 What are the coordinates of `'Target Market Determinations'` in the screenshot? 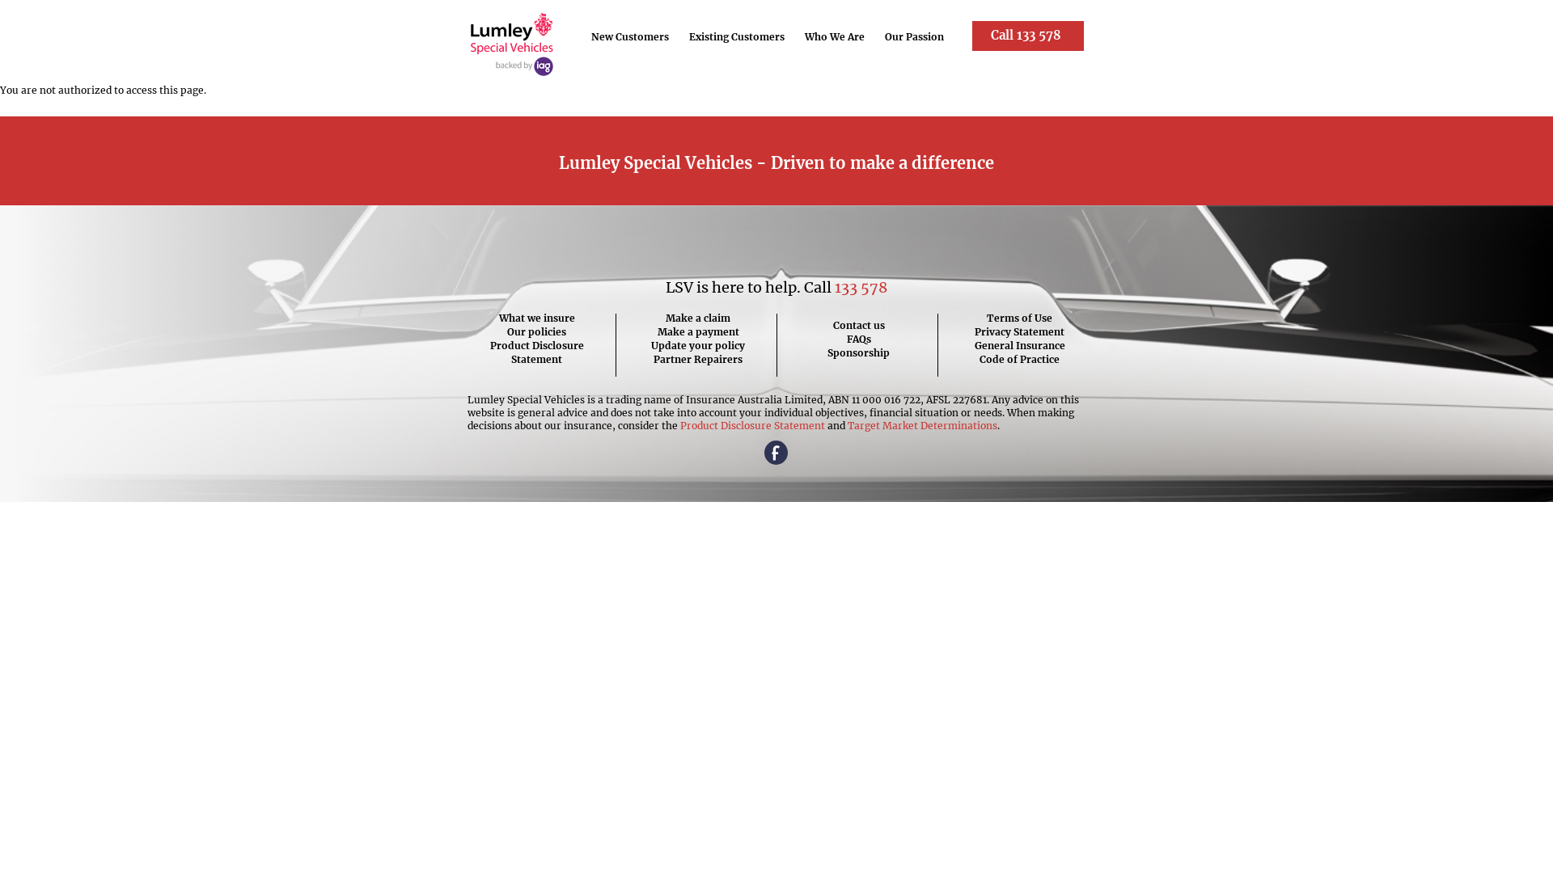 It's located at (922, 424).